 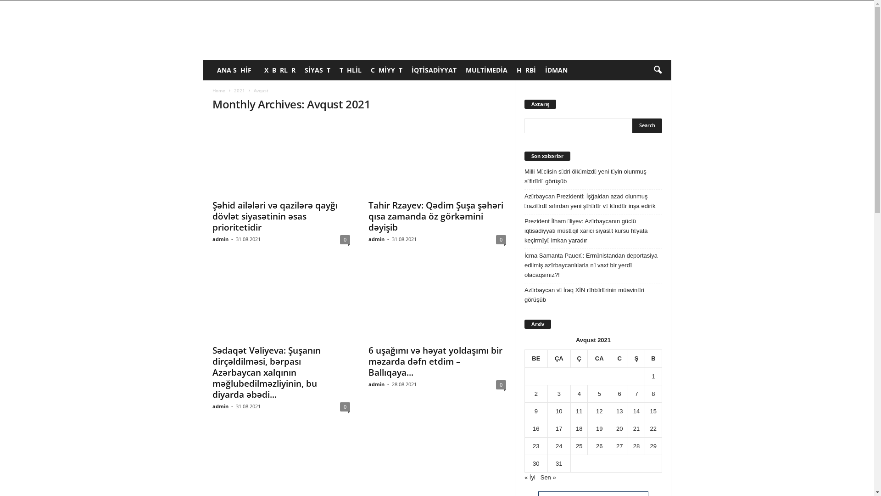 I want to click on '2021', so click(x=234, y=90).